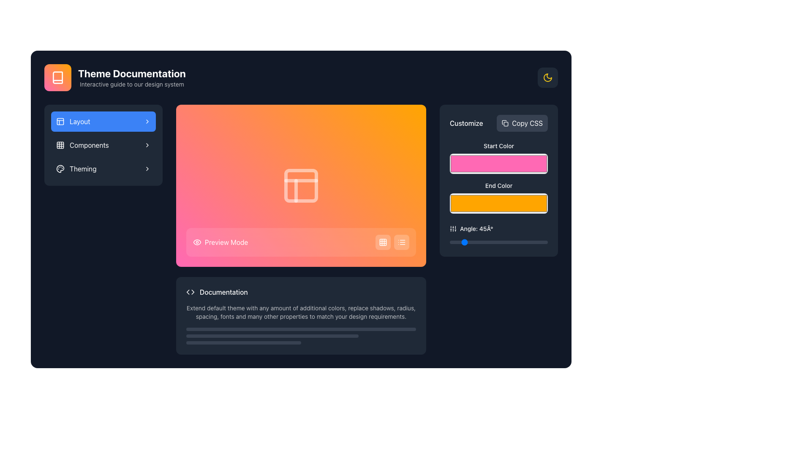 The height and width of the screenshot is (456, 811). I want to click on the progress levels visually by interacting with the vertically-stacked group of three gray progress bars located near the bottom of the 'Documentation' section, centered horizontally, so click(301, 335).